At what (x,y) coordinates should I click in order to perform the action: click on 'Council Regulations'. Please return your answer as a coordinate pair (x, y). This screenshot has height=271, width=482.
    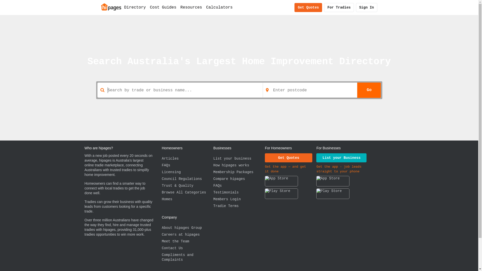
    Looking at the image, I should click on (187, 179).